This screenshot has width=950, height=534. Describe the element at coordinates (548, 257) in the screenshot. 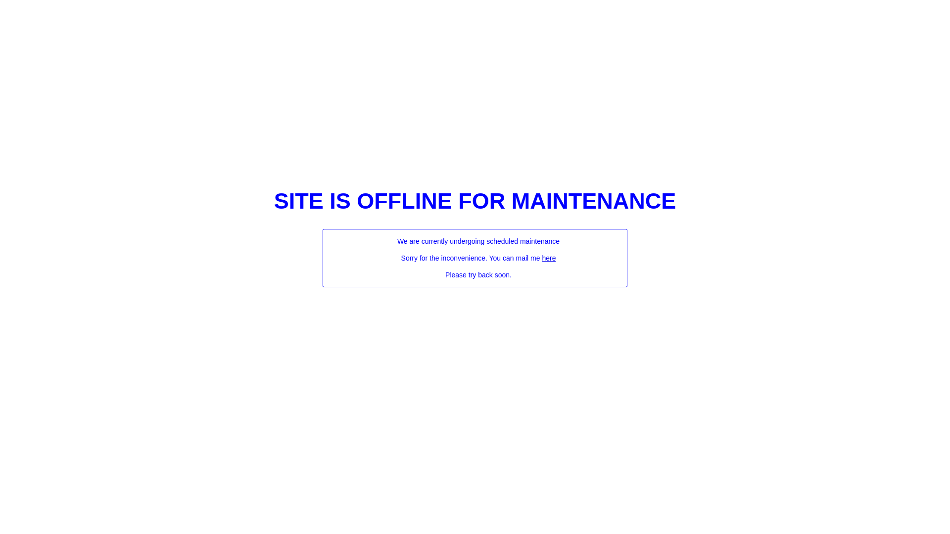

I see `'here'` at that location.